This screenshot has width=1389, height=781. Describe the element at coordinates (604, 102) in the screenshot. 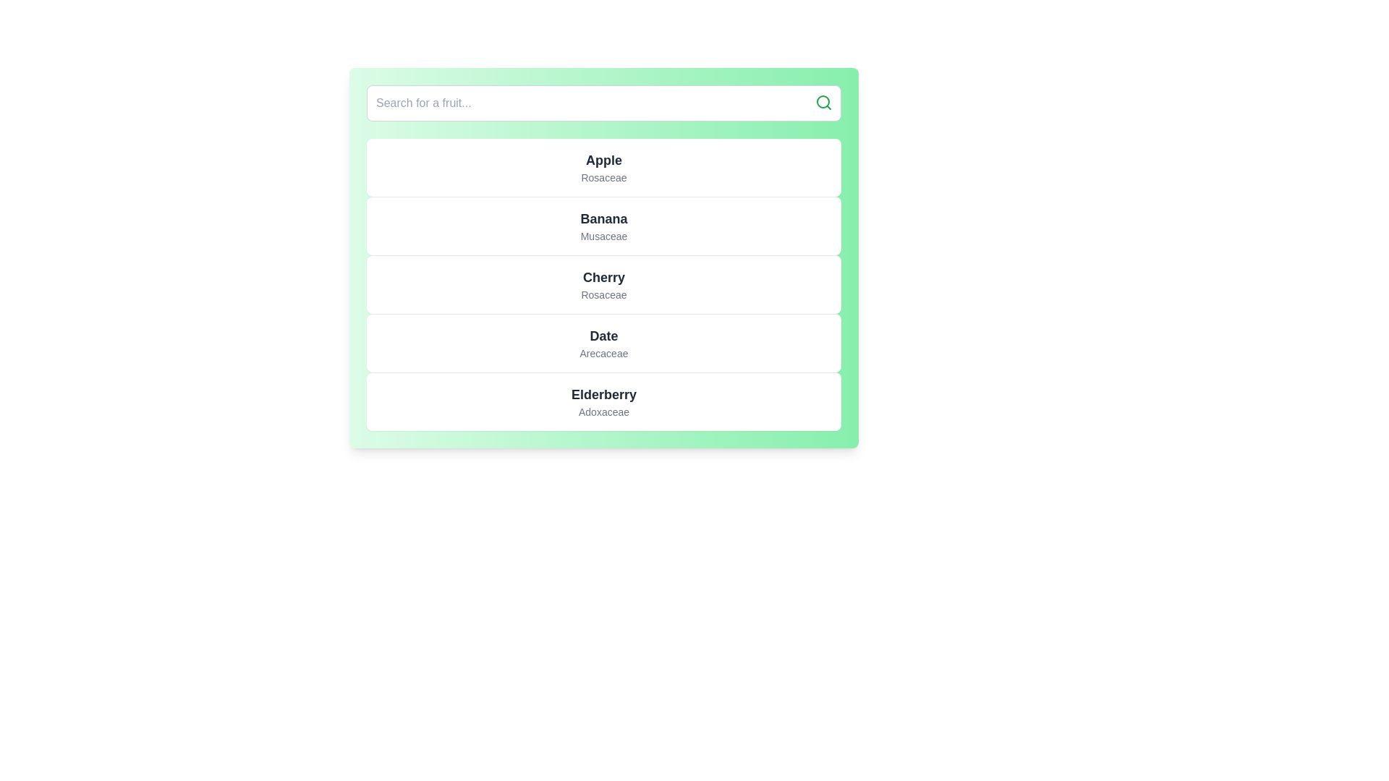

I see `the search input field that has rounded corners and a placeholder saying 'Search for a fruit...', which is located at the top of a rounded green gradient card` at that location.